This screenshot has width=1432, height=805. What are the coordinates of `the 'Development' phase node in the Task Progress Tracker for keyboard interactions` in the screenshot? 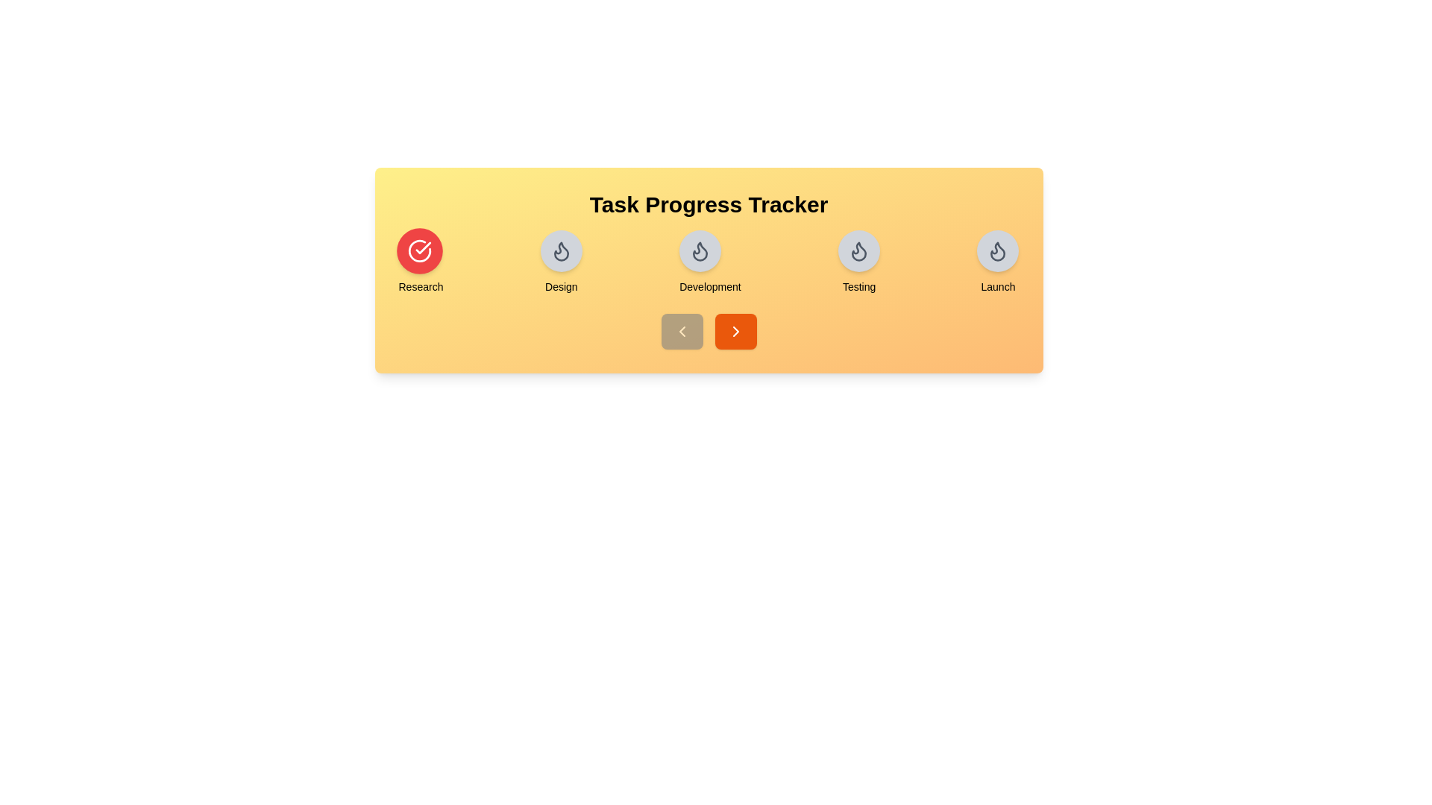 It's located at (708, 262).